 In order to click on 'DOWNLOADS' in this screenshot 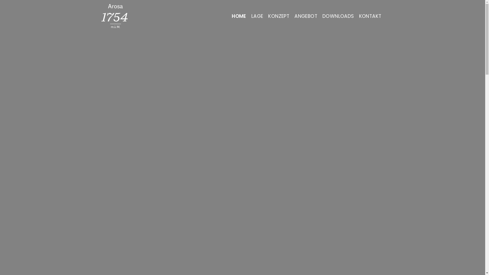, I will do `click(338, 16)`.